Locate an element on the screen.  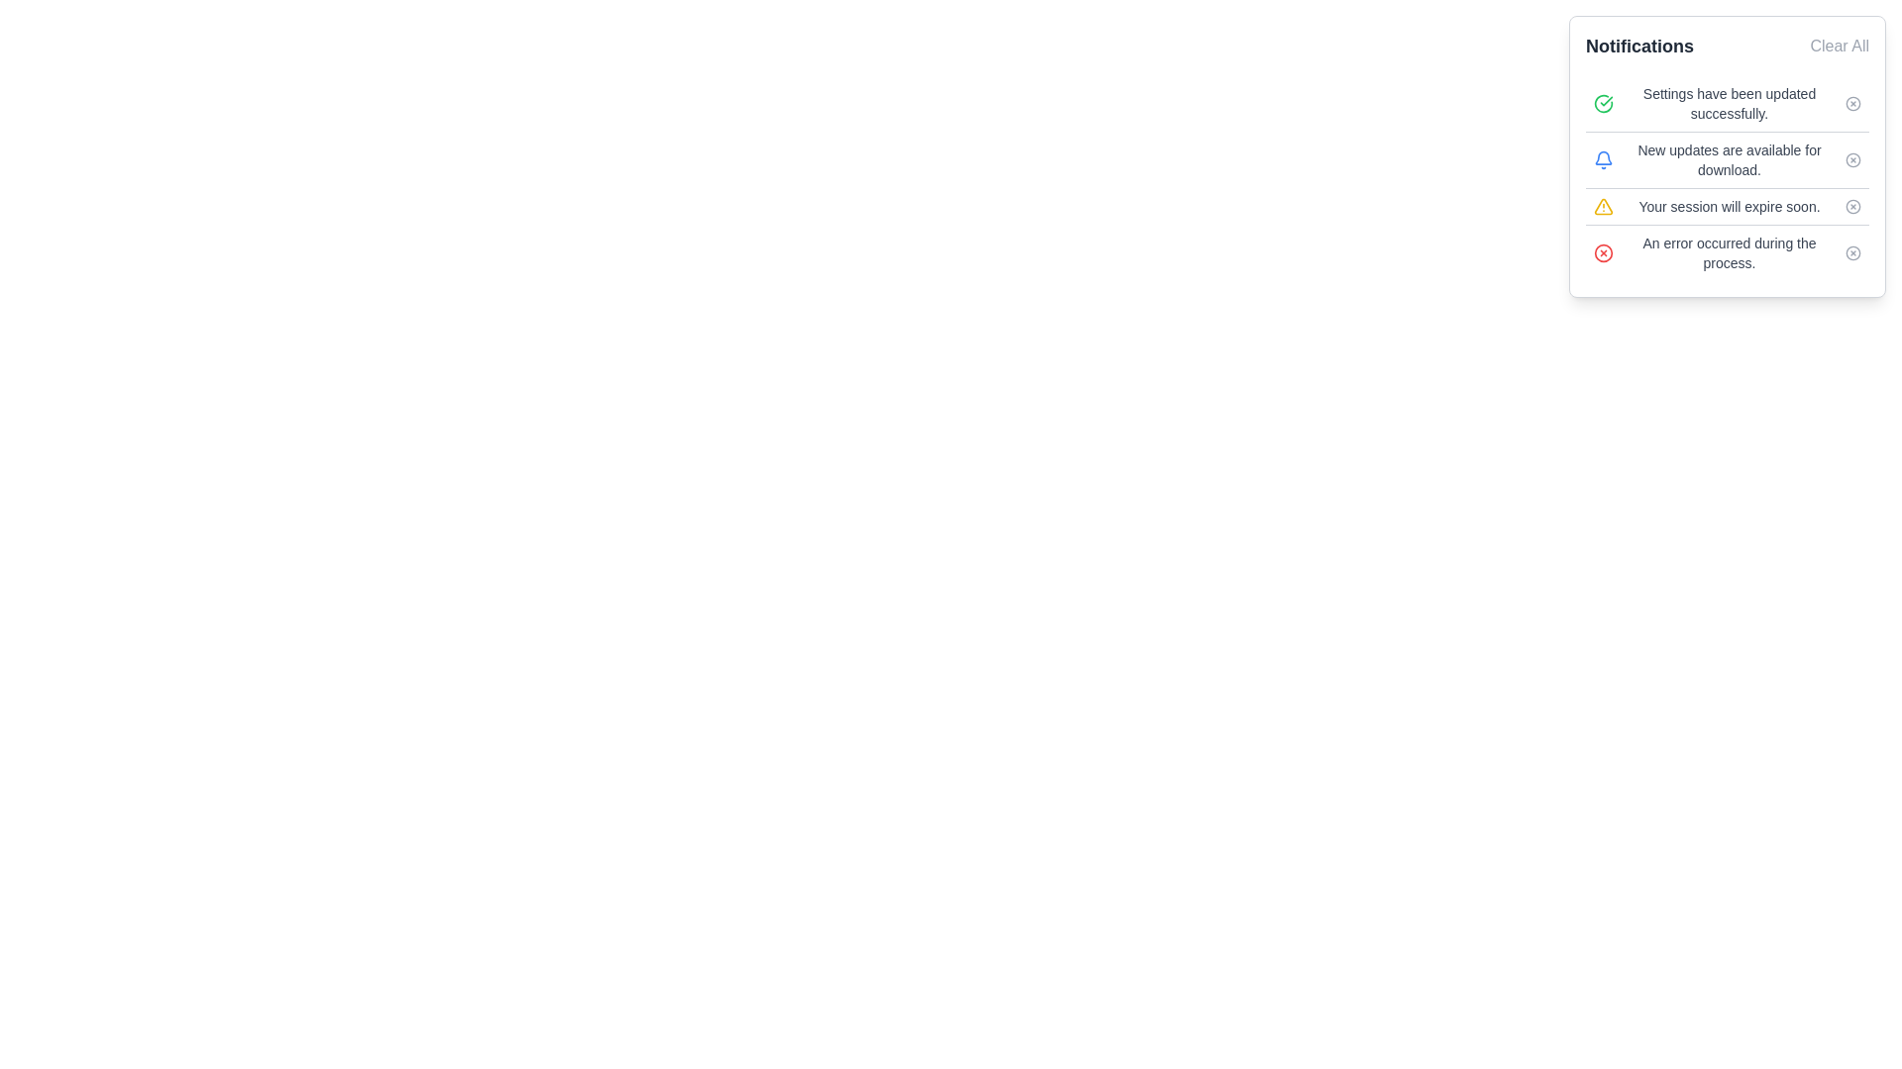
the 'close' or 'dismiss' icon located at the top right corner of the notification panel, near the 'Clear All' text is located at coordinates (1852, 103).